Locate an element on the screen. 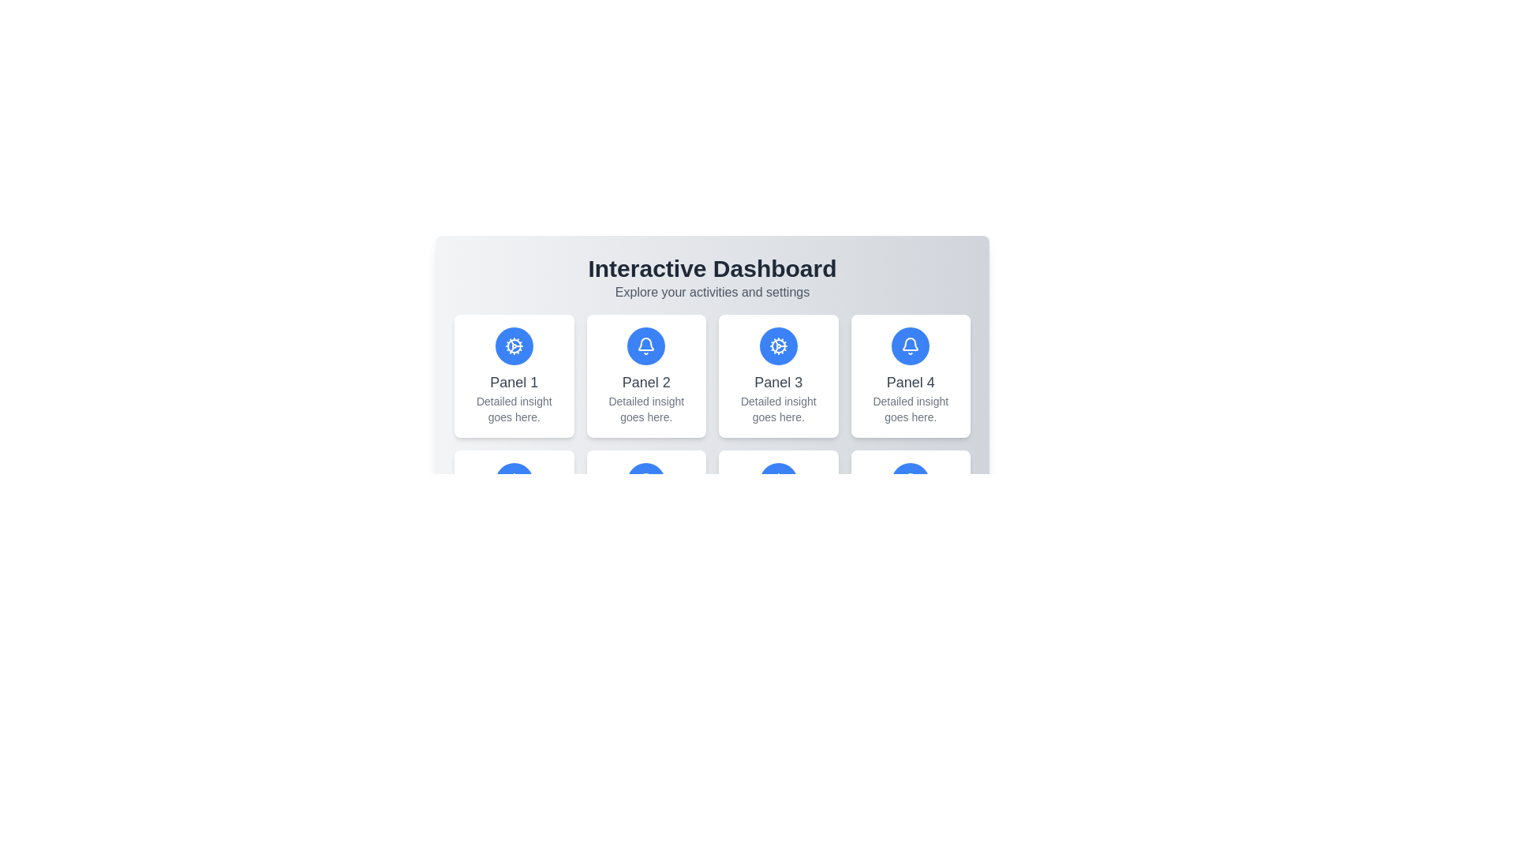  the text label located in the fourth panel of the top row, positioned centrally beneath a bell icon and above a smaller descriptive text is located at coordinates (911, 383).